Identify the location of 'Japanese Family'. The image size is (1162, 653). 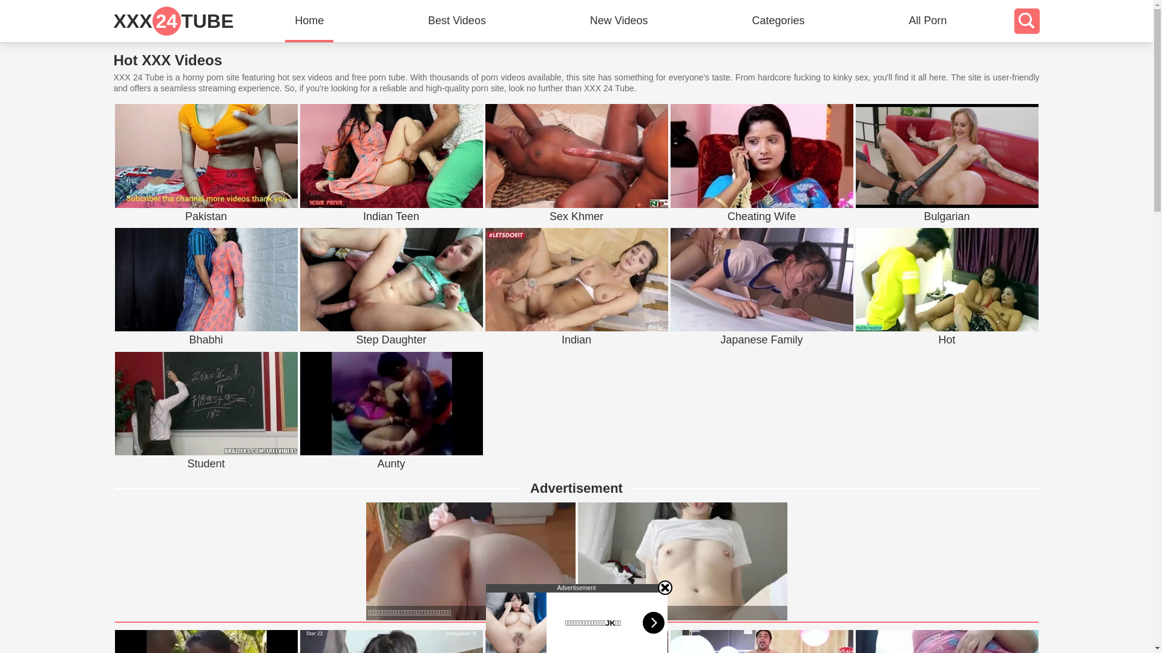
(761, 279).